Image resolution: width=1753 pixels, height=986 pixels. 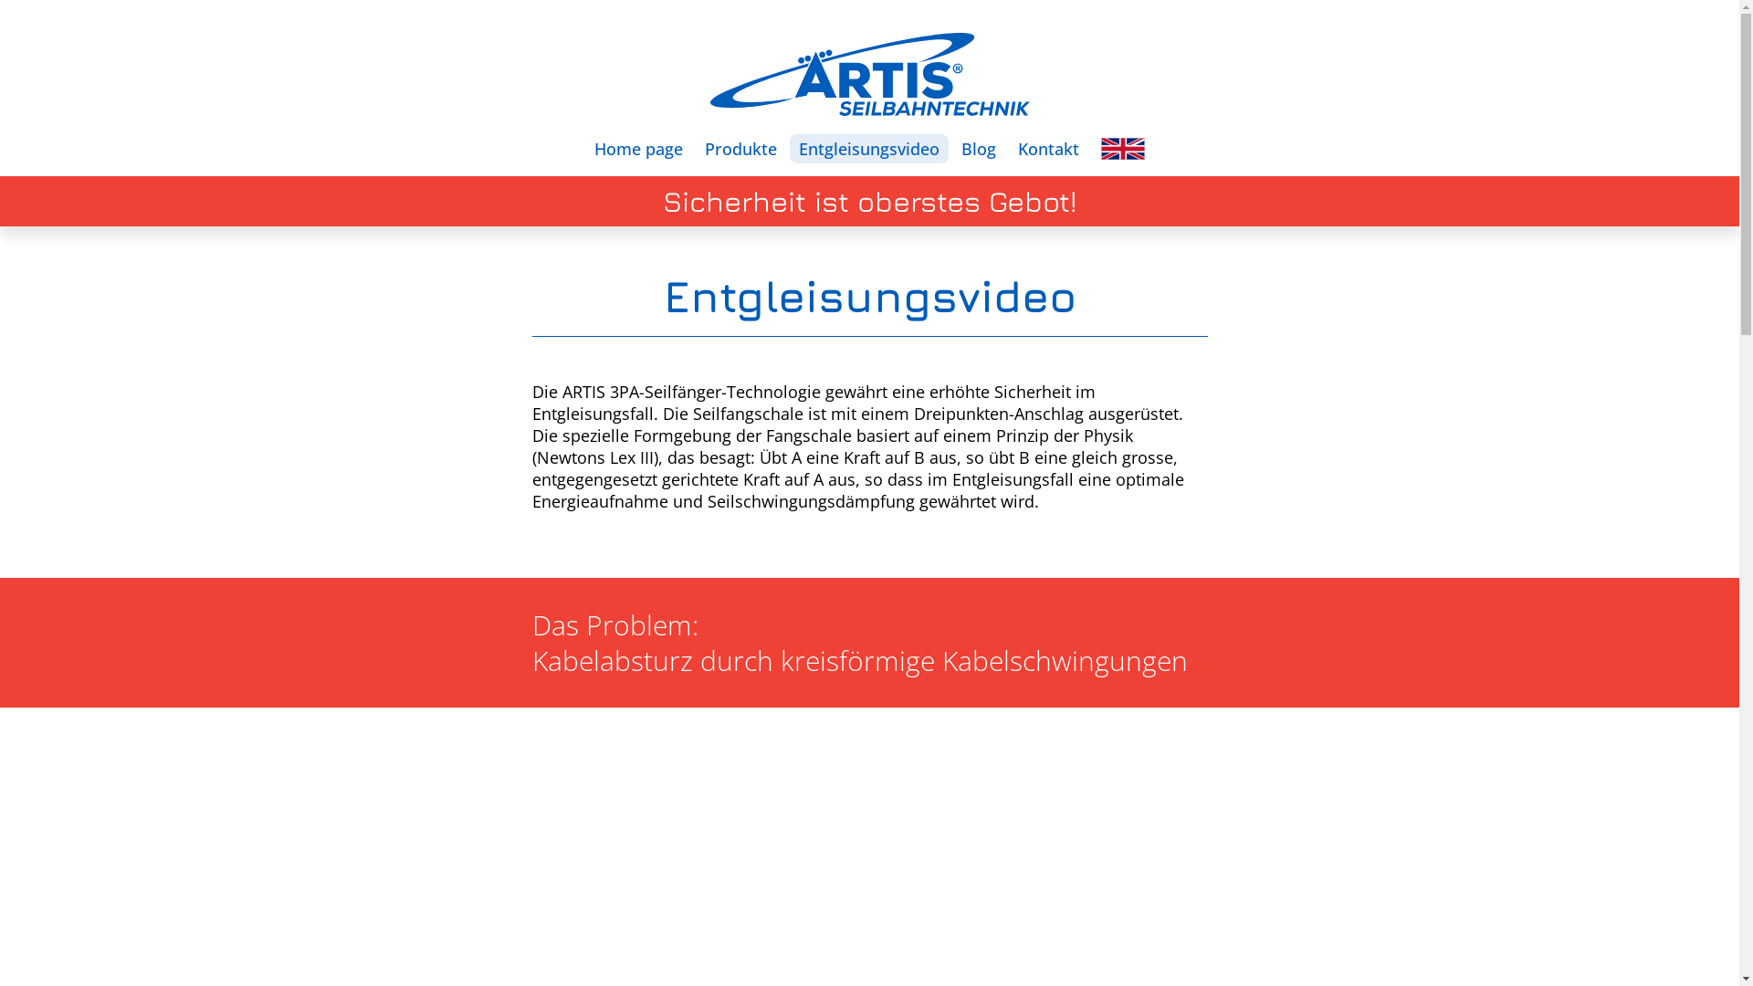 What do you see at coordinates (977, 147) in the screenshot?
I see `'Blog'` at bounding box center [977, 147].